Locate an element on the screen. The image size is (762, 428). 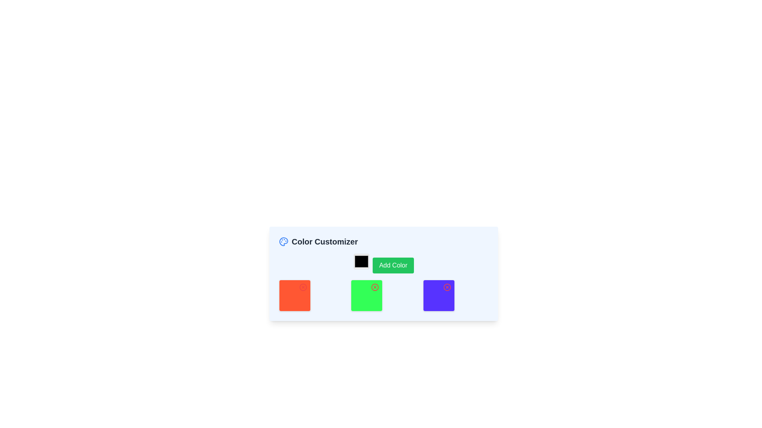
the interactive color box with a bright green background and a small red 'X' icon is located at coordinates (366, 295).